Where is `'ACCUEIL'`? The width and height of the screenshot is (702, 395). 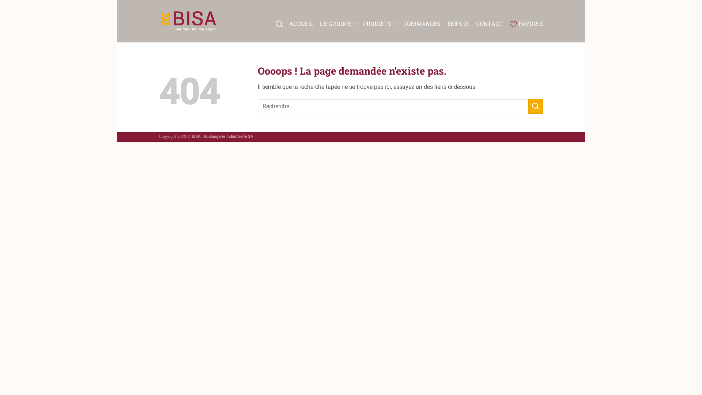 'ACCUEIL' is located at coordinates (301, 23).